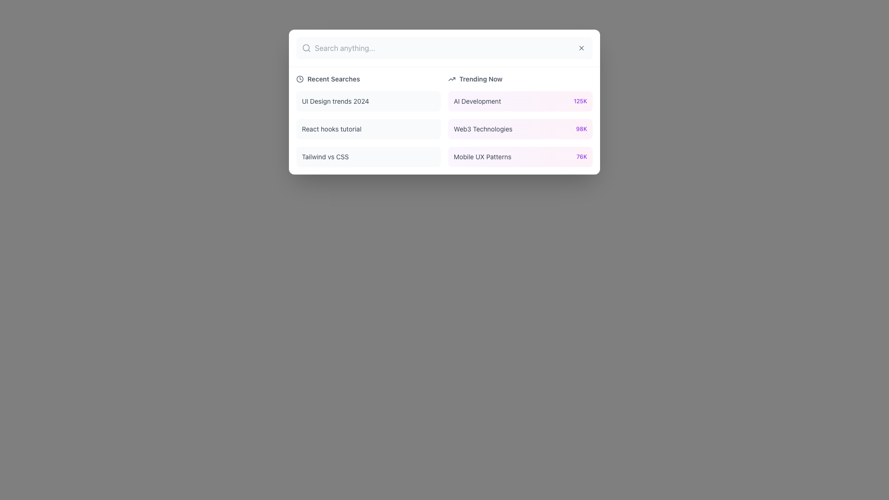 This screenshot has height=500, width=889. What do you see at coordinates (520, 129) in the screenshot?
I see `the 'Web3 Technologies' interactive card in the 'Trending Now' section` at bounding box center [520, 129].